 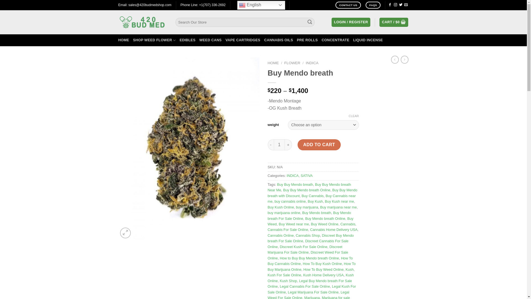 I want to click on 'CANNABIS OILS', so click(x=278, y=40).